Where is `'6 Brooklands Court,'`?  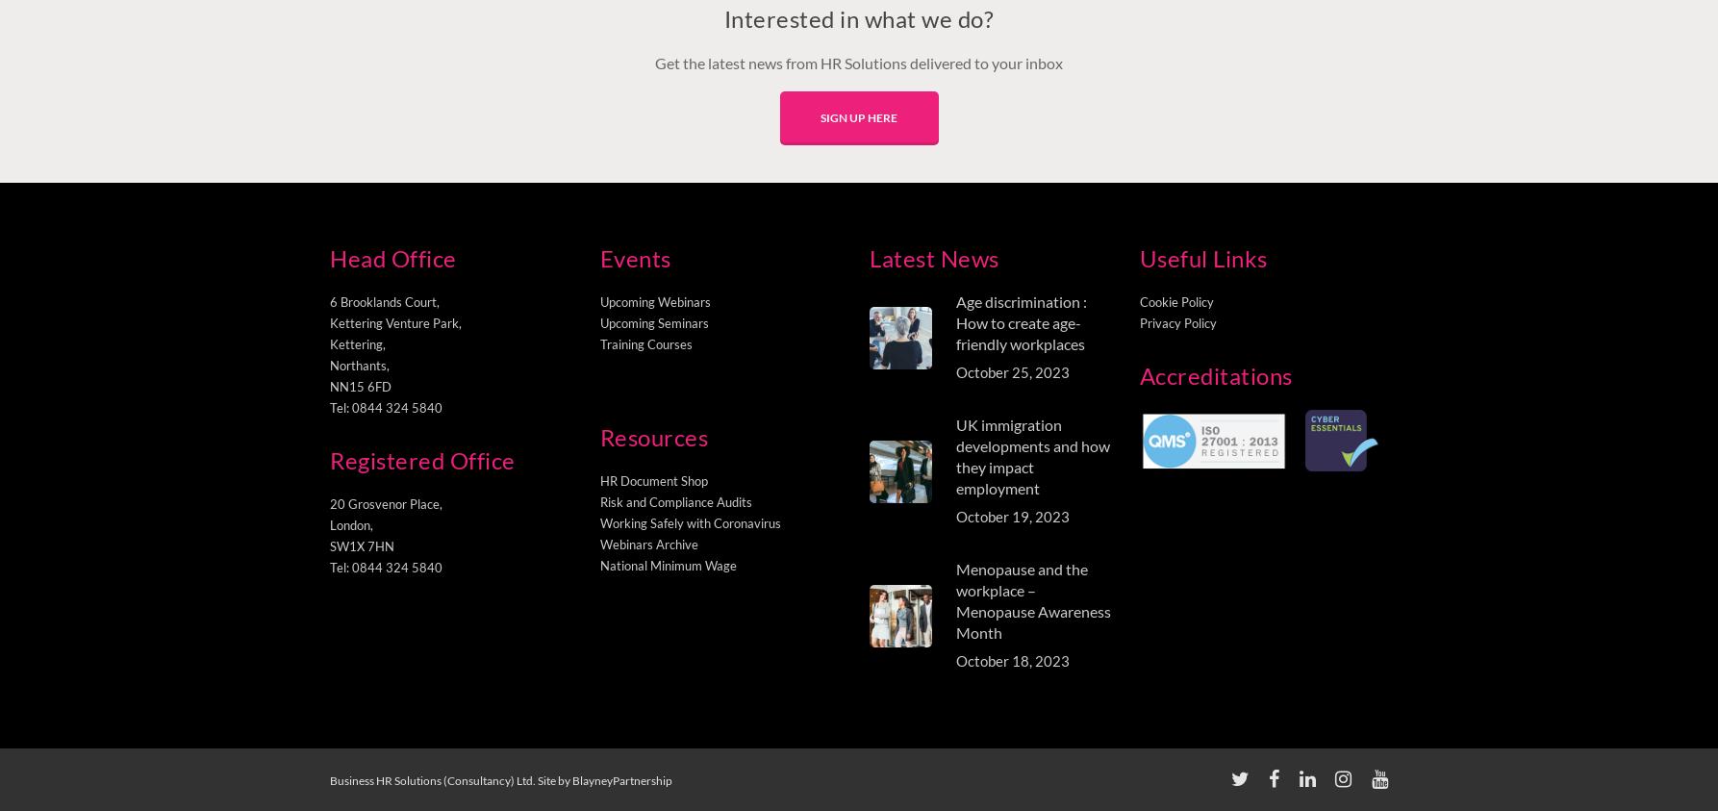
'6 Brooklands Court,' is located at coordinates (329, 301).